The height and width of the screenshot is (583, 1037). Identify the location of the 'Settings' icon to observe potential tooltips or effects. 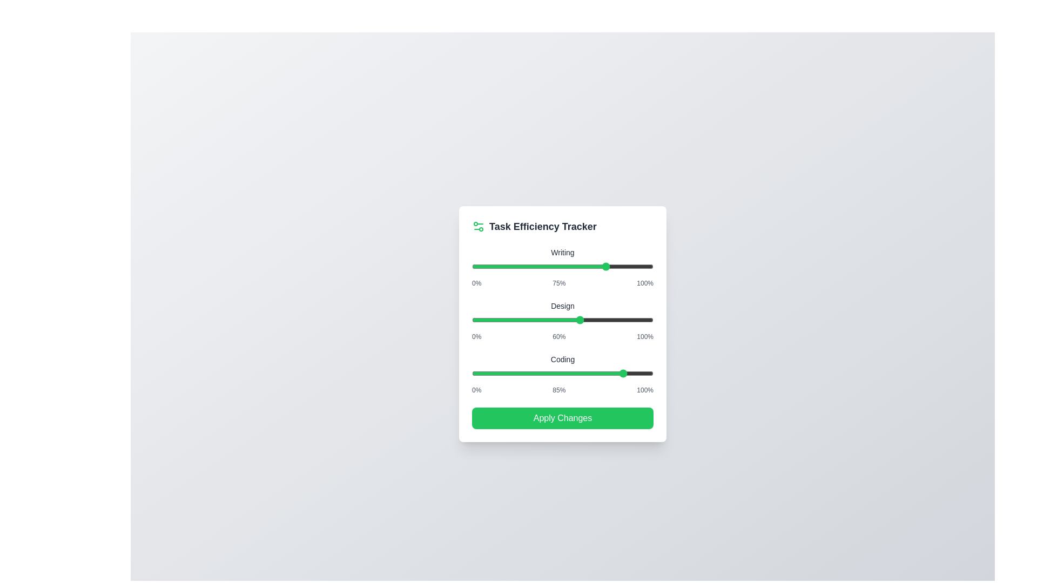
(478, 226).